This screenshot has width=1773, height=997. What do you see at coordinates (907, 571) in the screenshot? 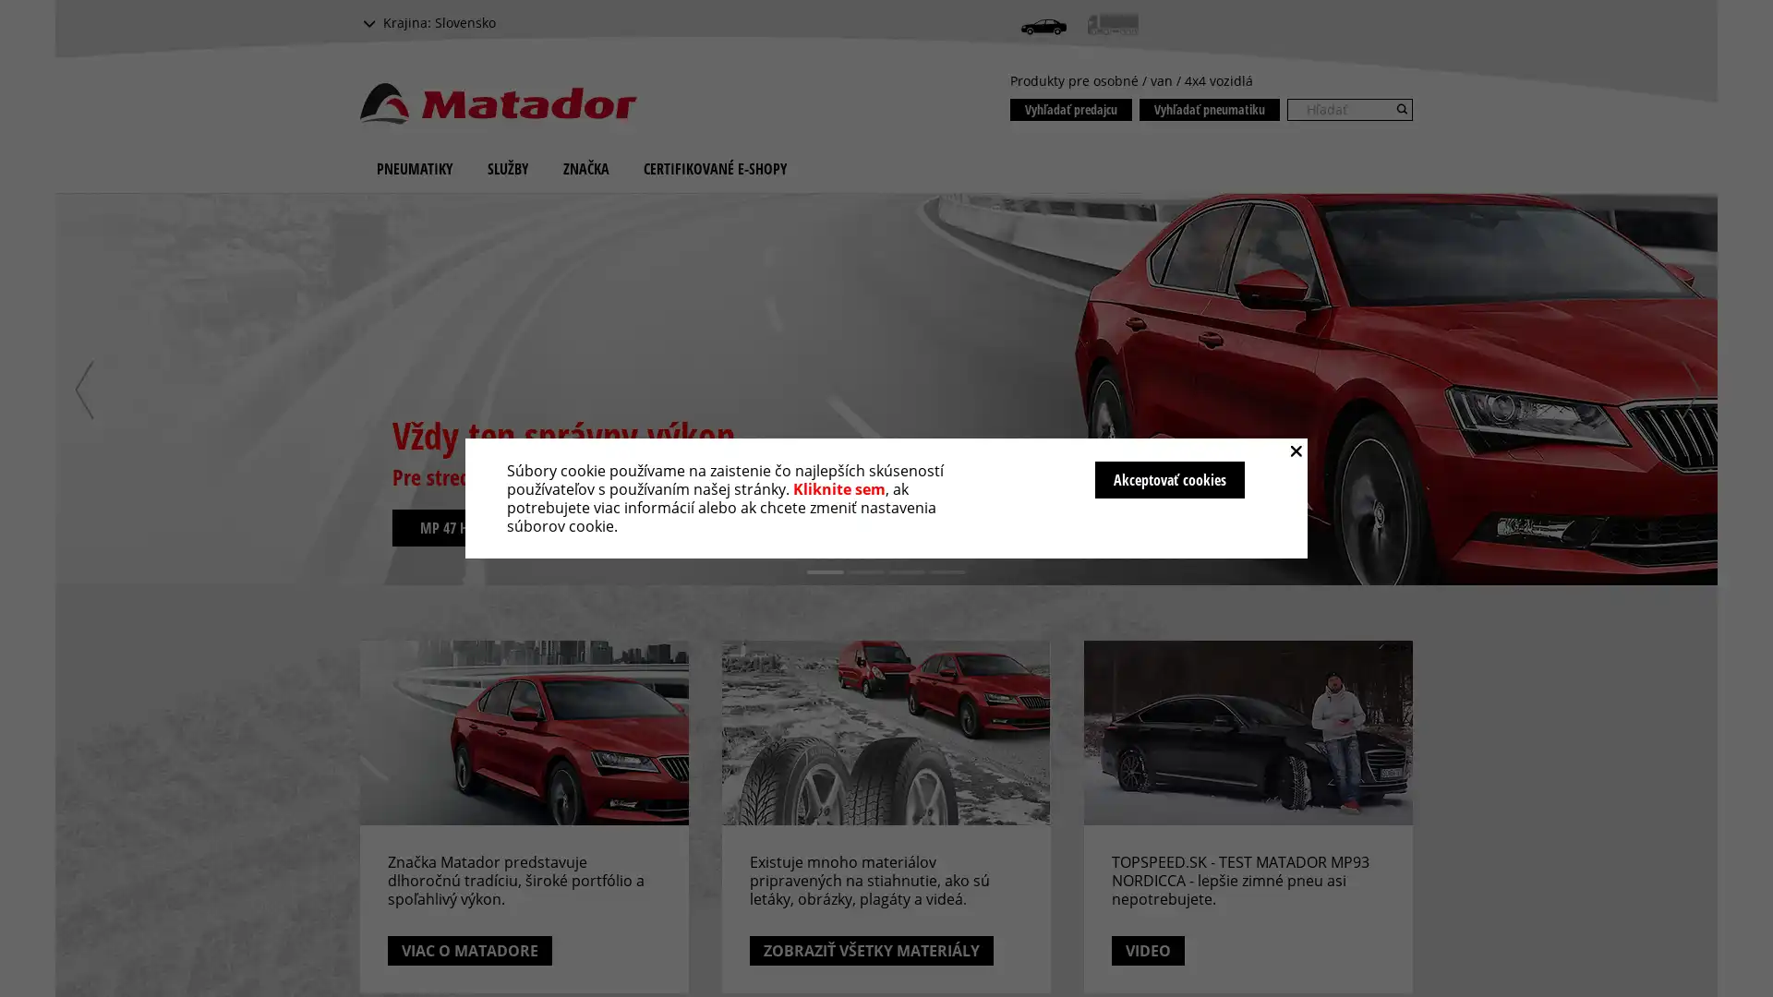
I see `3` at bounding box center [907, 571].